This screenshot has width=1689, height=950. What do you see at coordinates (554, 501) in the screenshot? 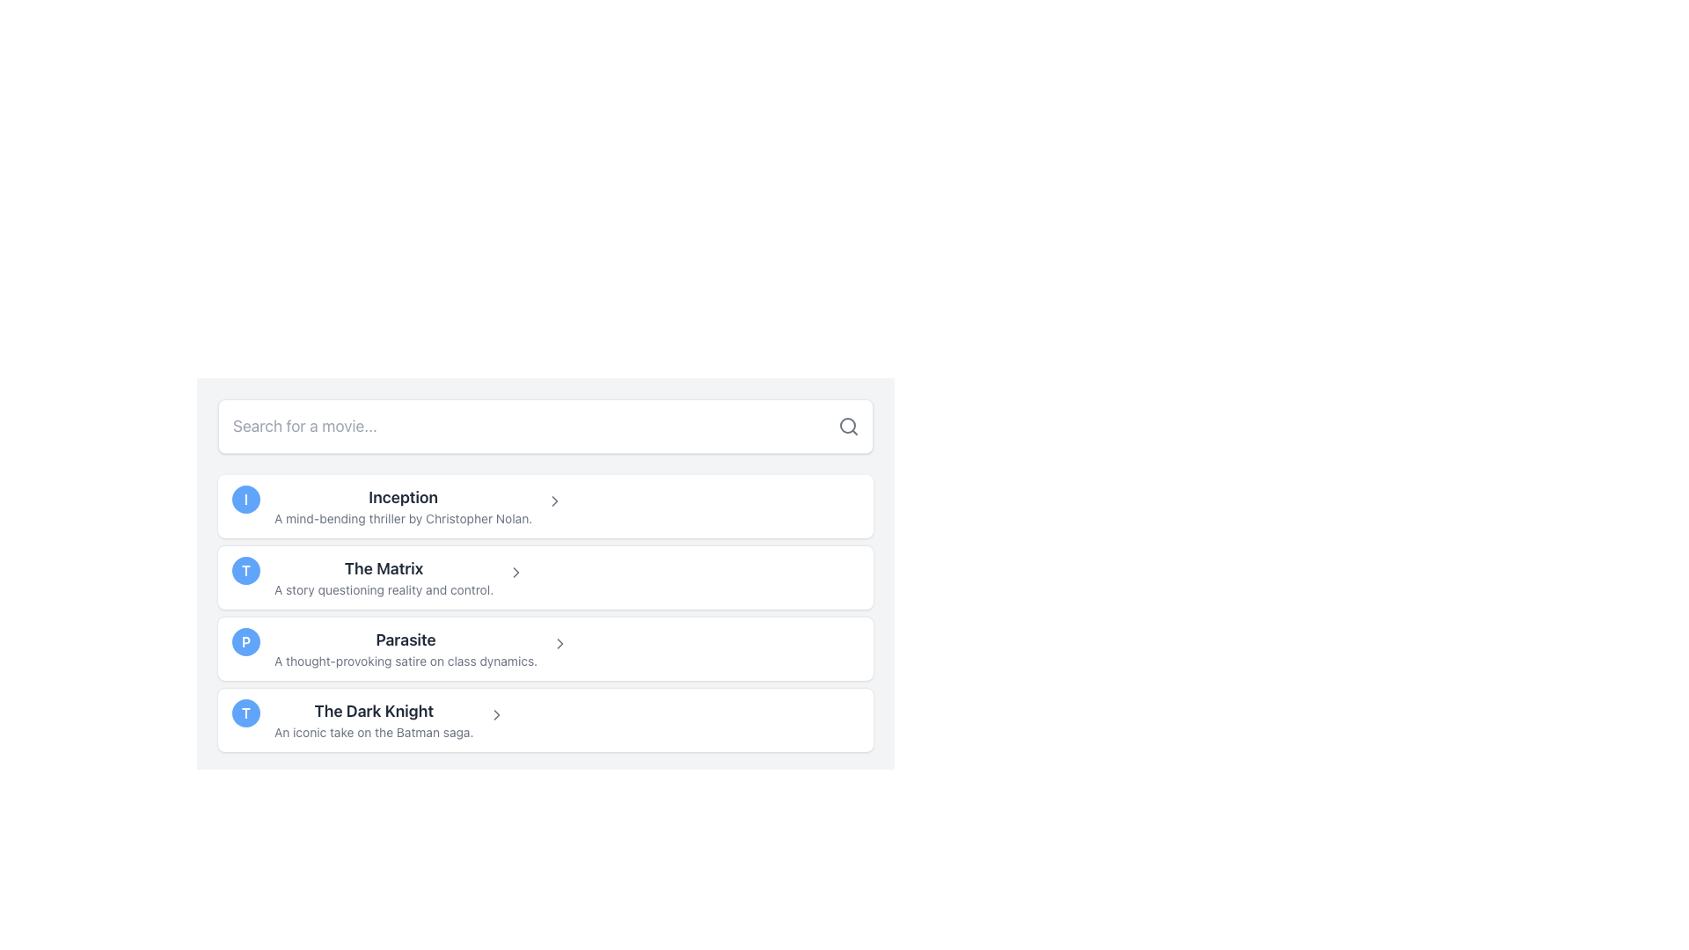
I see `the right-pointing chevron icon at the rightmost edge of the 'Inception' movie card for visual feedback` at bounding box center [554, 501].